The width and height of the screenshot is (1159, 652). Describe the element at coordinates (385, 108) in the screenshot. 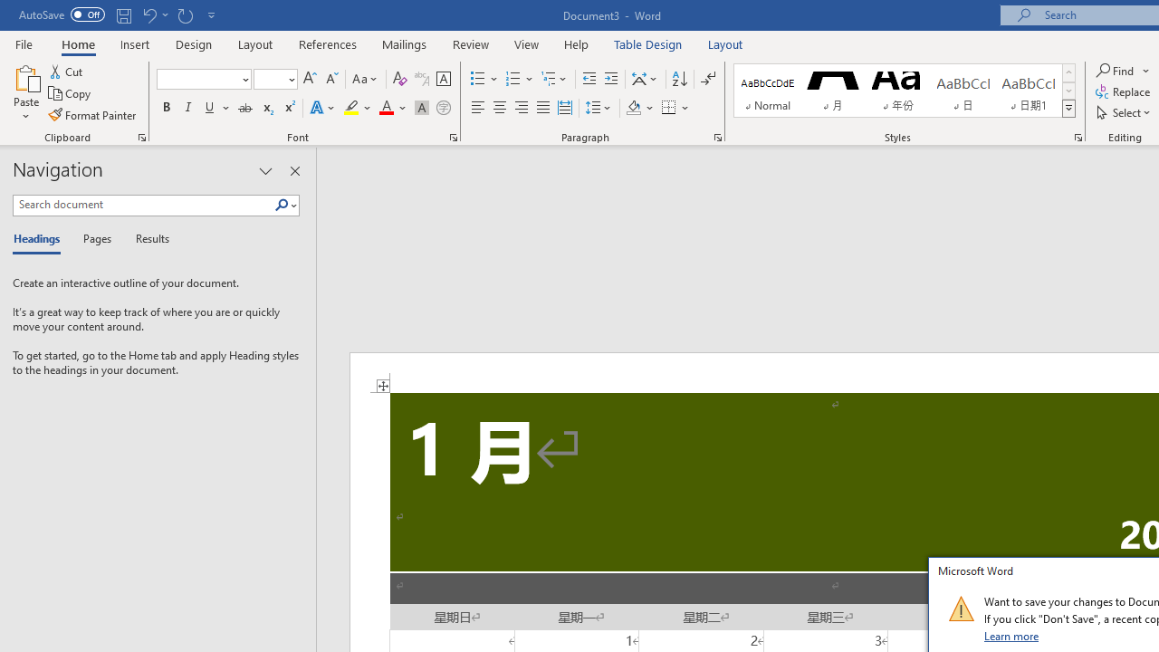

I see `'Font Color RGB(255, 0, 0)'` at that location.